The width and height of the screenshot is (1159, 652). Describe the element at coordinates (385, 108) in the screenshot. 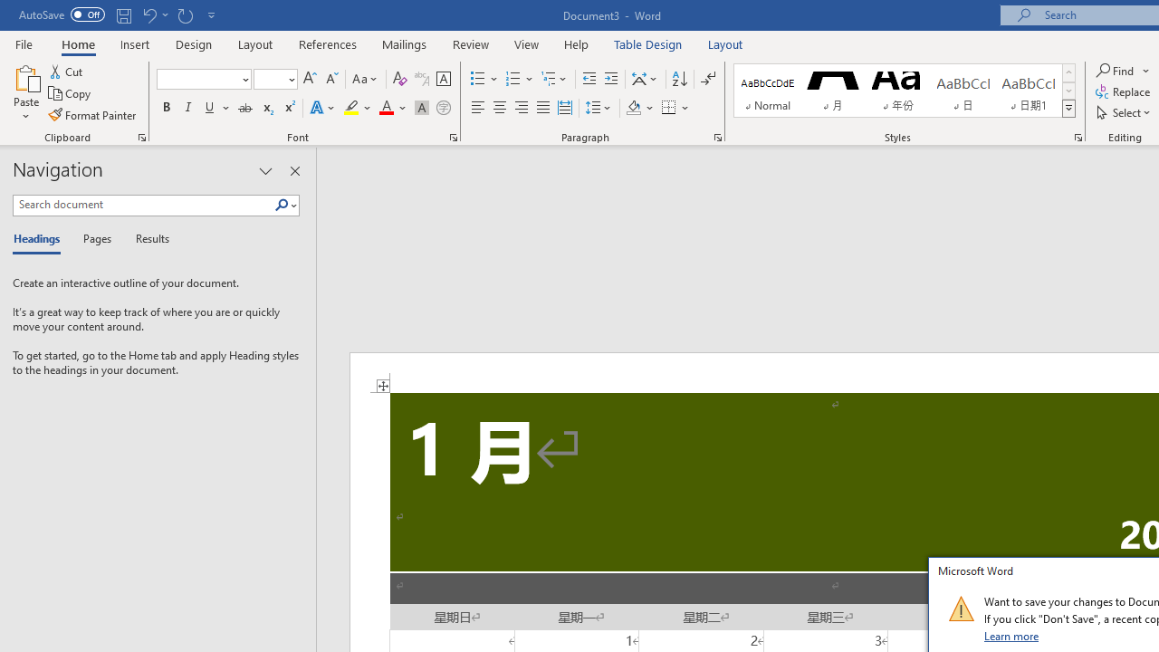

I see `'Font Color RGB(255, 0, 0)'` at that location.